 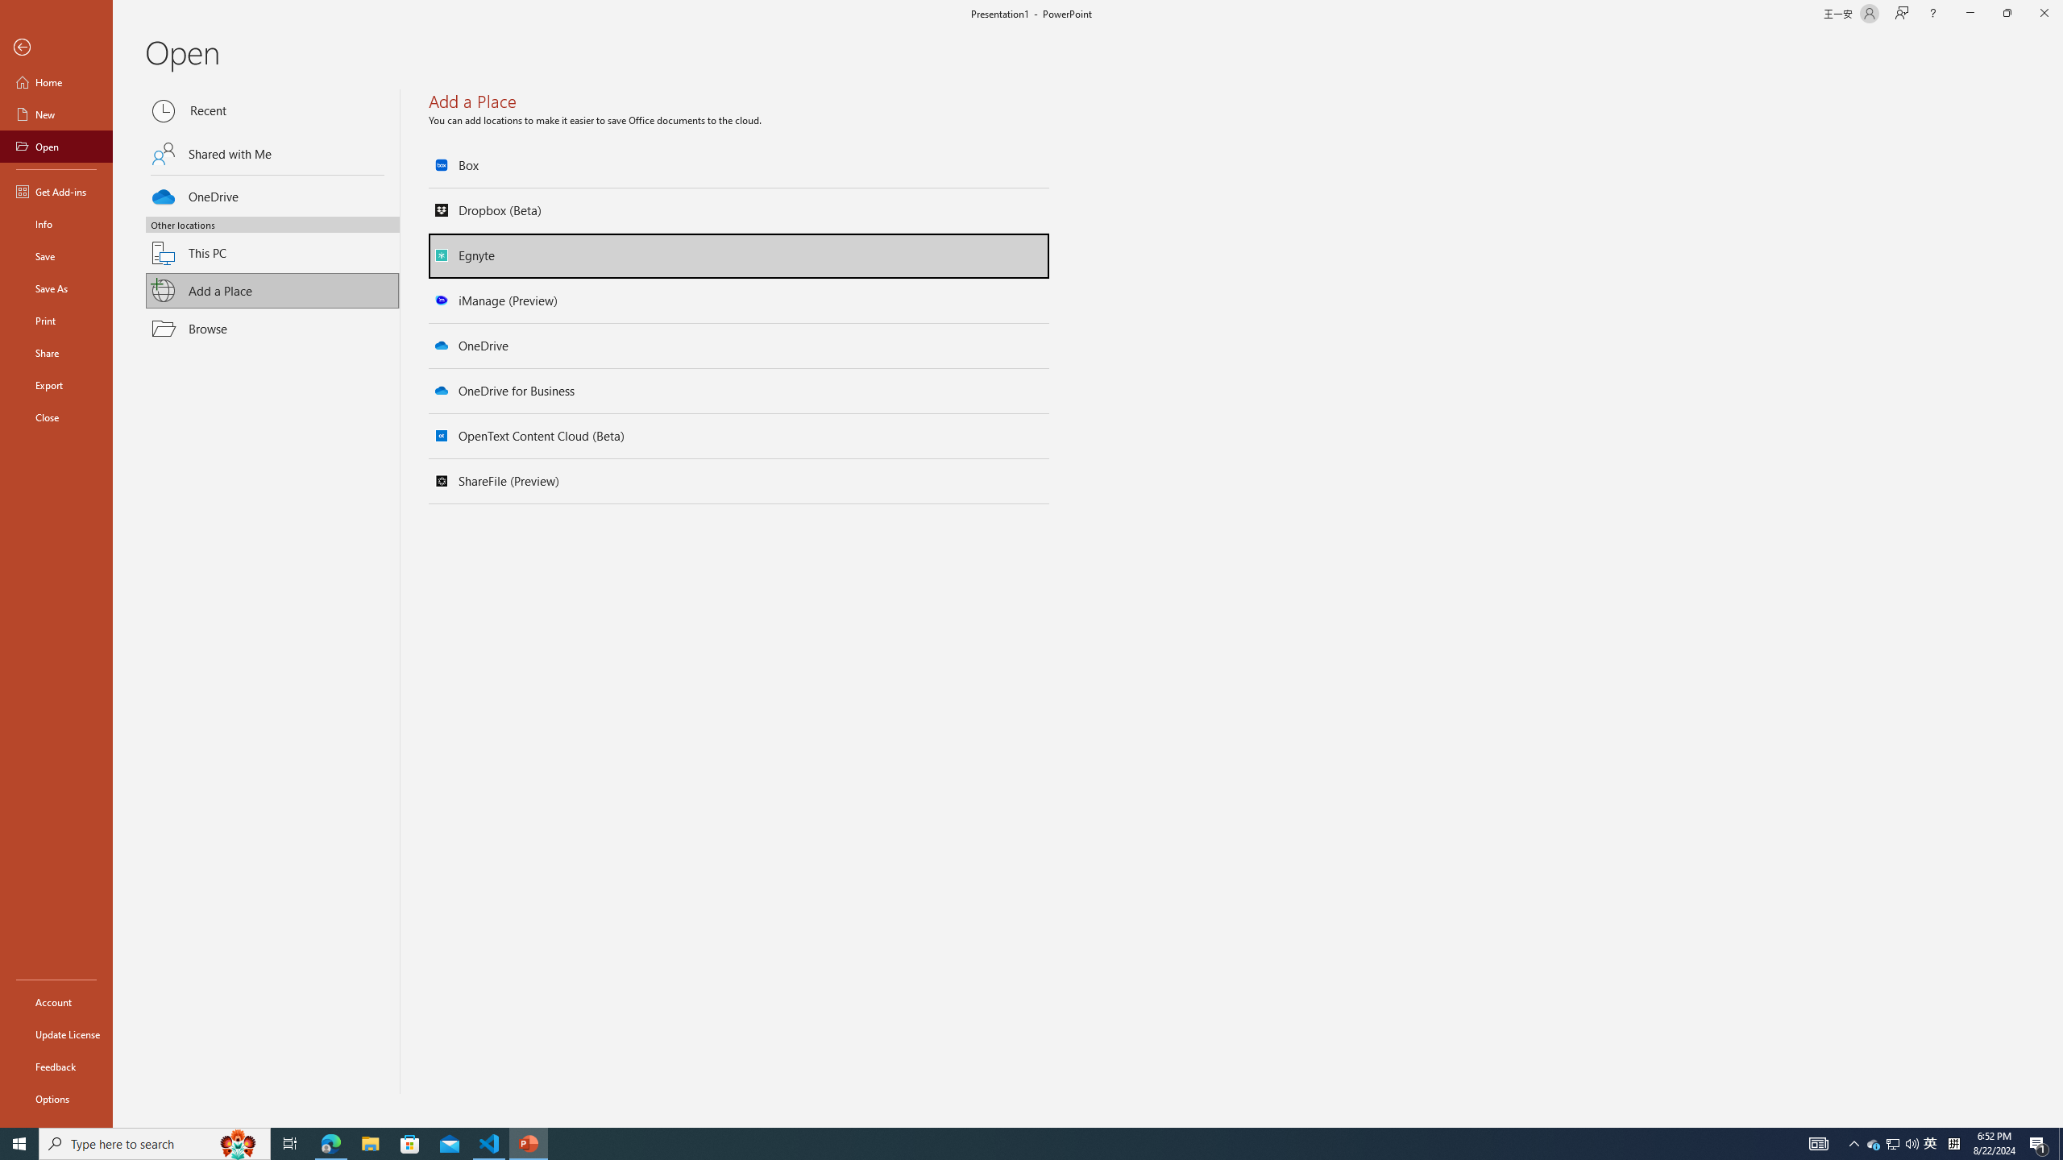 I want to click on 'This PC', so click(x=272, y=243).